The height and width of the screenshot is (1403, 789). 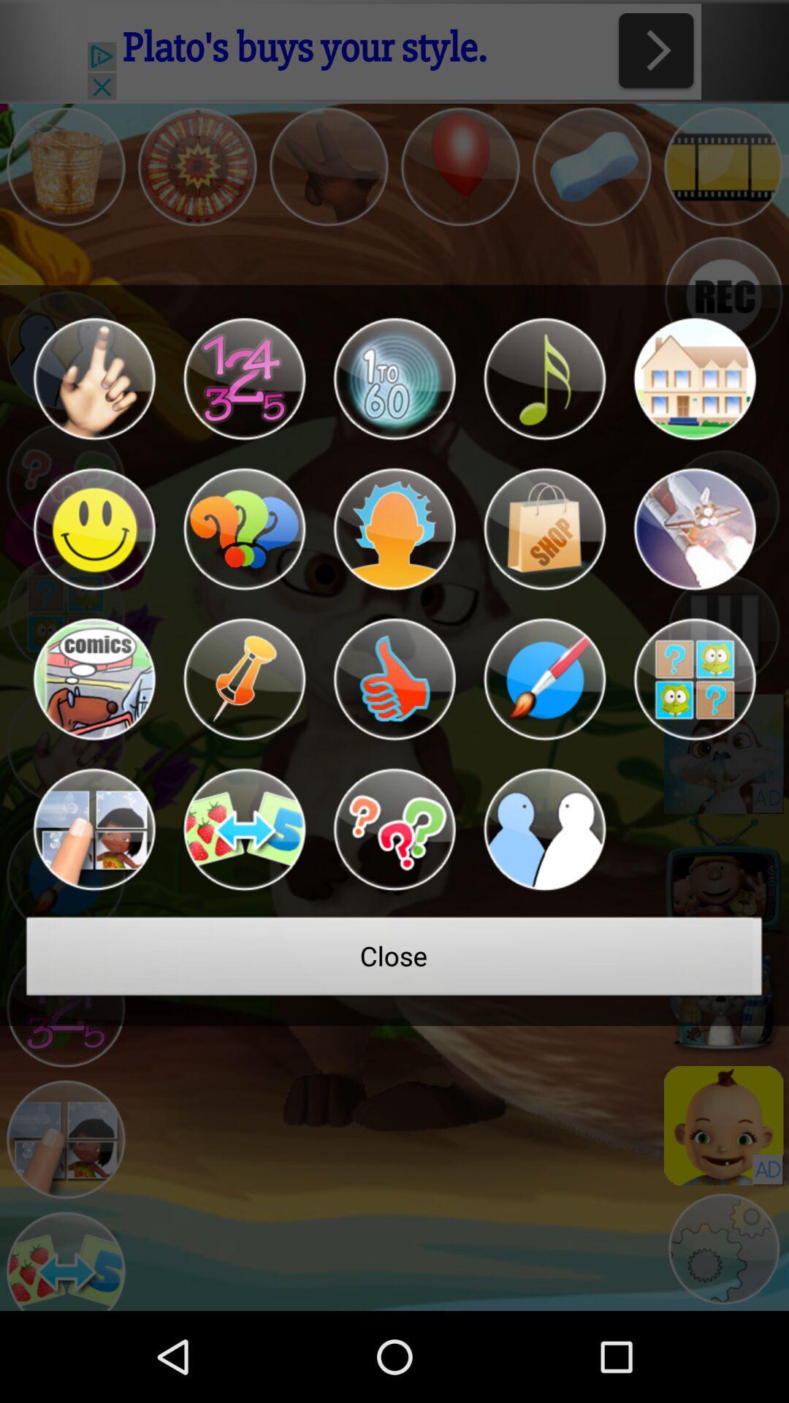 What do you see at coordinates (394, 829) in the screenshot?
I see `solve questions` at bounding box center [394, 829].